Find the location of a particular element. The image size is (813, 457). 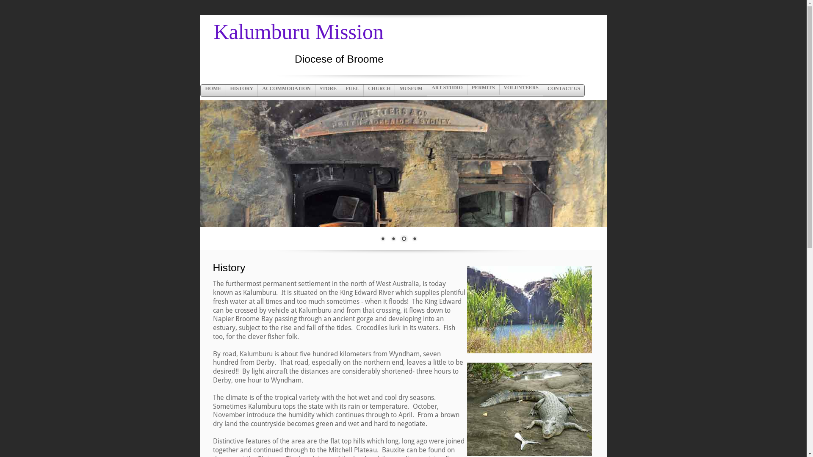

'PERMITS' is located at coordinates (483, 90).